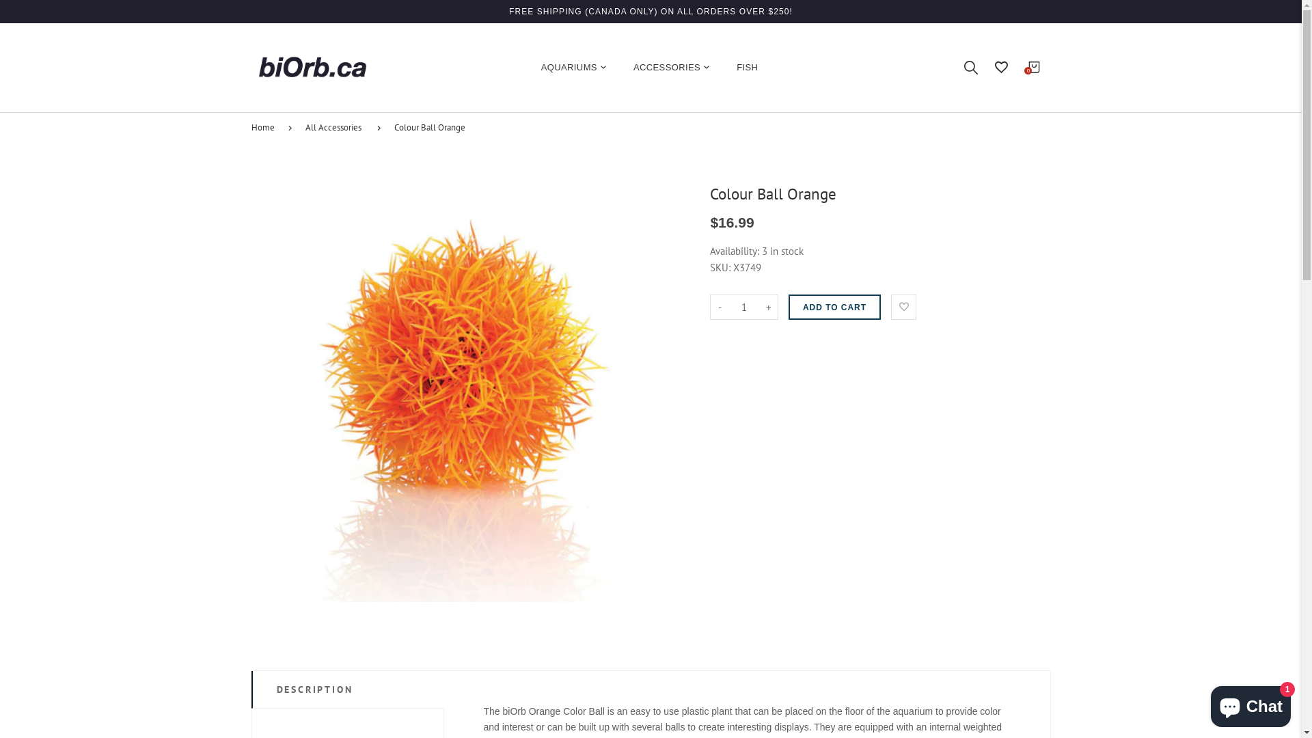 This screenshot has width=1312, height=738. Describe the element at coordinates (903, 306) in the screenshot. I see `'Add to Wishlist'` at that location.